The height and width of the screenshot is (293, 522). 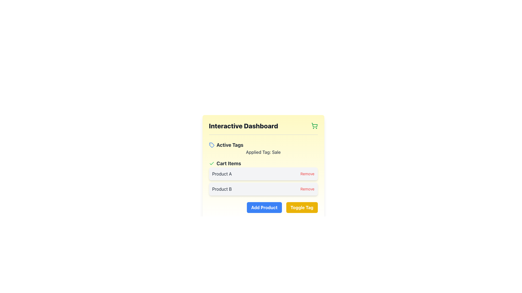 I want to click on the 'Active Tags' and 'Cart Items' section of the interactive dashboard, so click(x=263, y=168).